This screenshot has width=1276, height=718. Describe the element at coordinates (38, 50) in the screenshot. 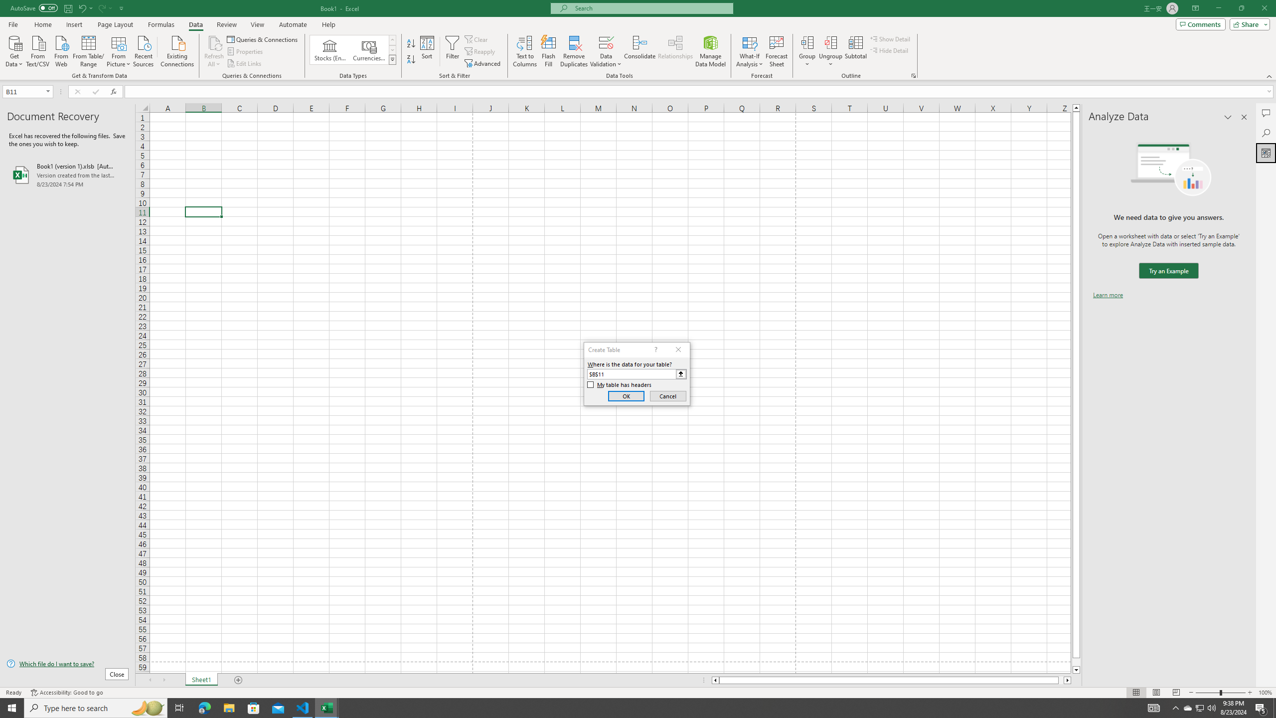

I see `'From Text/CSV'` at that location.